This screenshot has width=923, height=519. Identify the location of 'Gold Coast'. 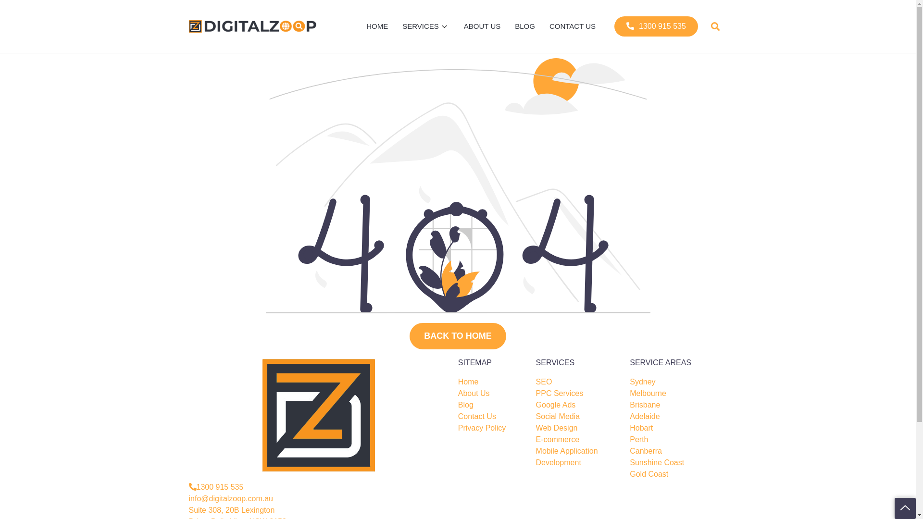
(649, 474).